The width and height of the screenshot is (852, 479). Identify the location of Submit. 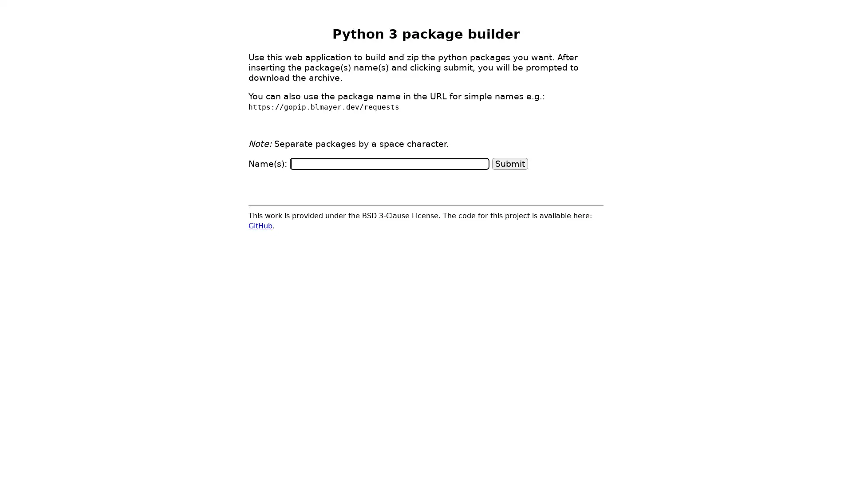
(510, 163).